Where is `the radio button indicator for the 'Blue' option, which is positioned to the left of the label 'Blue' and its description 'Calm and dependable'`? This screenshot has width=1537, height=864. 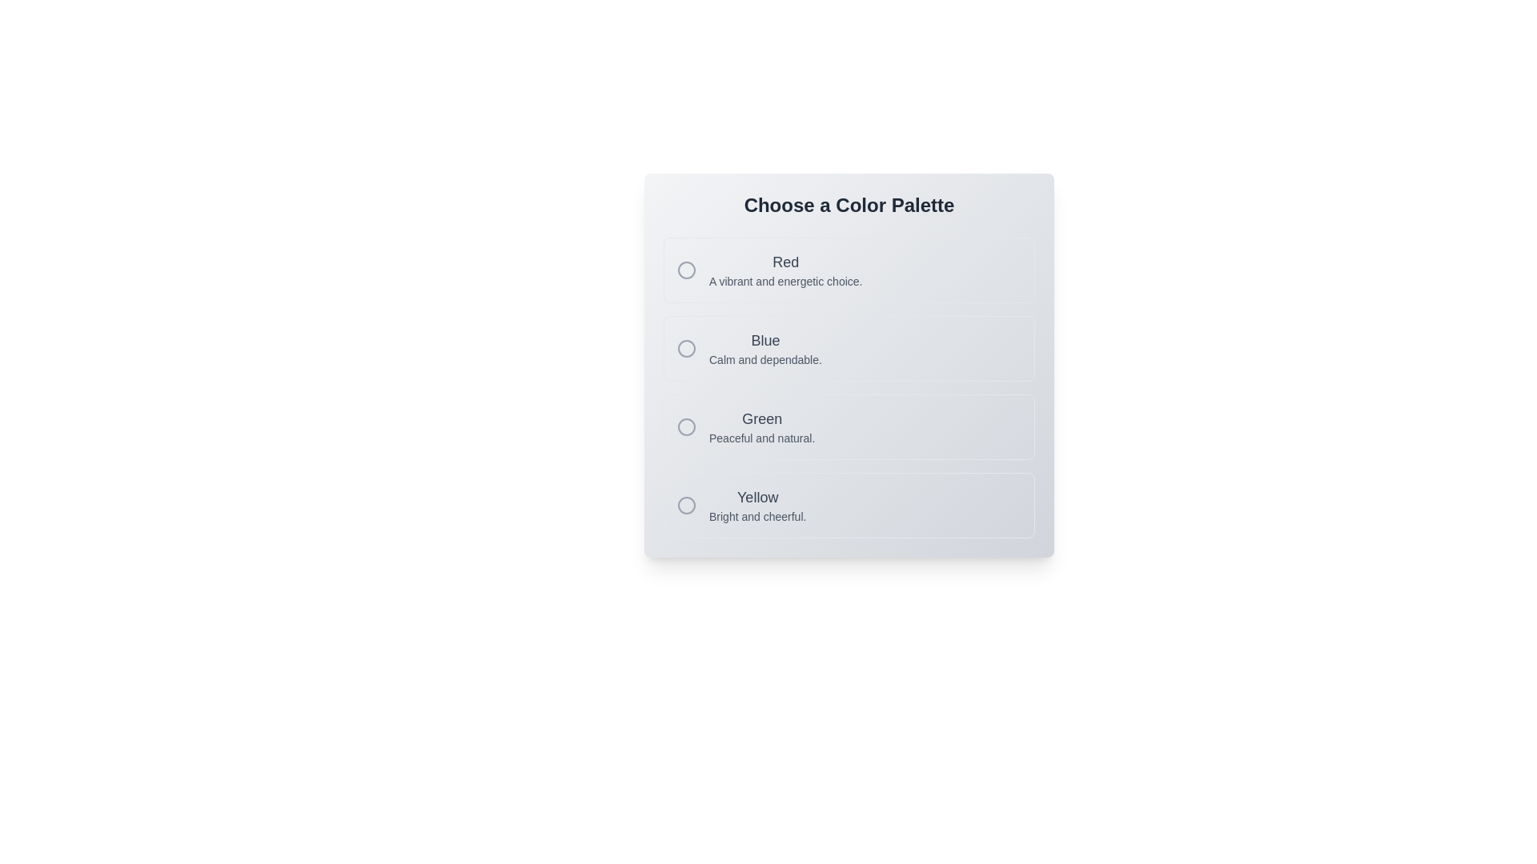
the radio button indicator for the 'Blue' option, which is positioned to the left of the label 'Blue' and its description 'Calm and dependable' is located at coordinates (687, 347).